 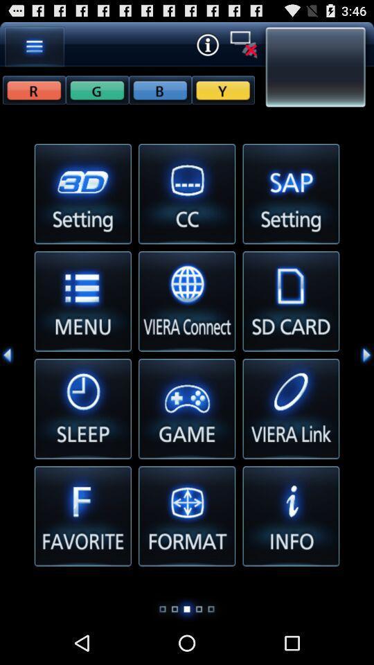 What do you see at coordinates (206, 47) in the screenshot?
I see `the info icon` at bounding box center [206, 47].